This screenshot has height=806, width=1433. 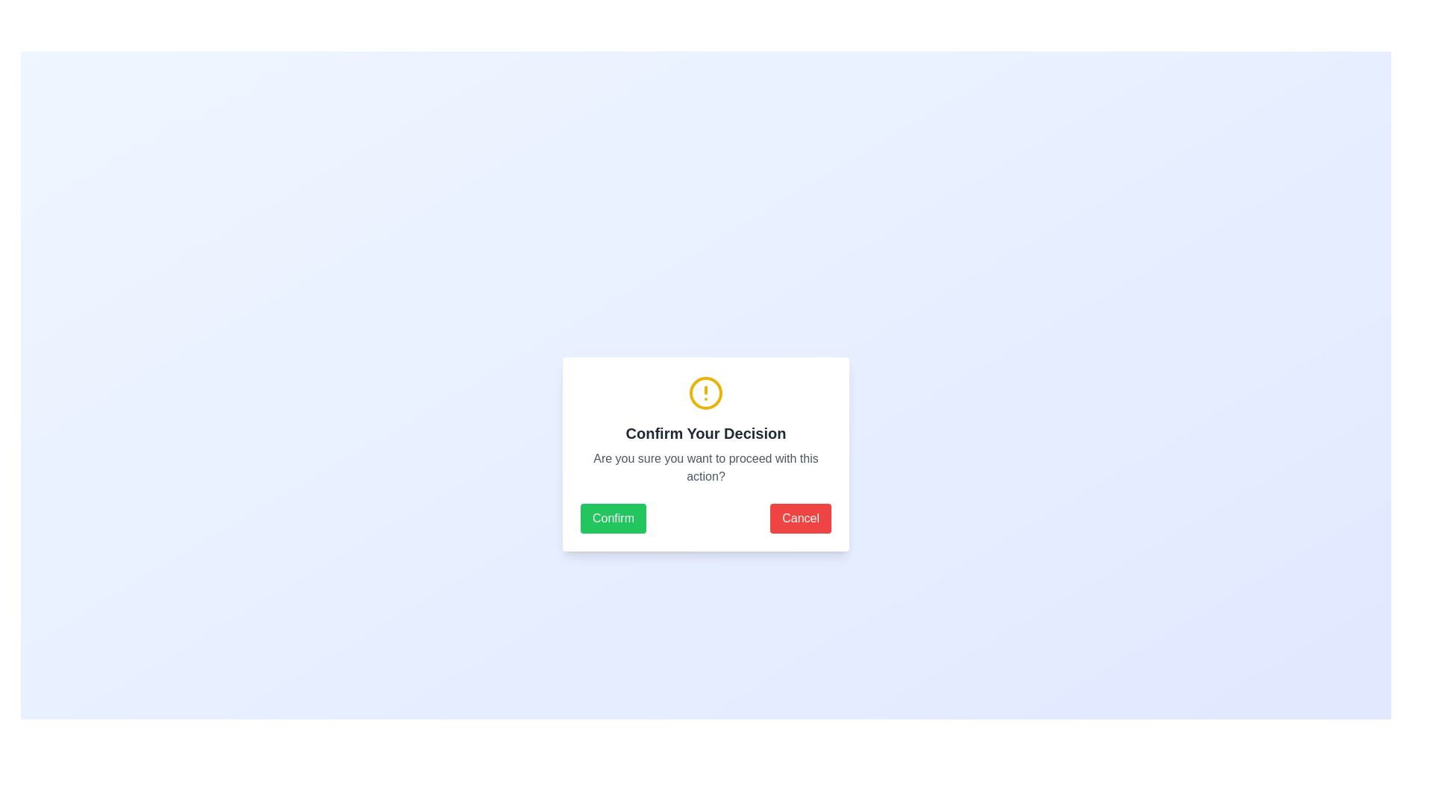 What do you see at coordinates (705, 393) in the screenshot?
I see `the warning icon located at the top of the modal pop-up, centered horizontally above the 'Confirm Your Decision' text for visual information` at bounding box center [705, 393].